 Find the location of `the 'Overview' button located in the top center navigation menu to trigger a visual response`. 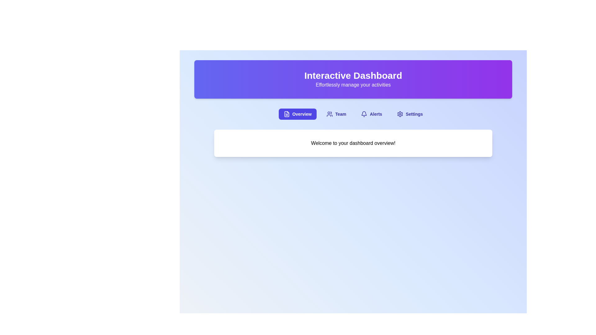

the 'Overview' button located in the top center navigation menu to trigger a visual response is located at coordinates (297, 114).